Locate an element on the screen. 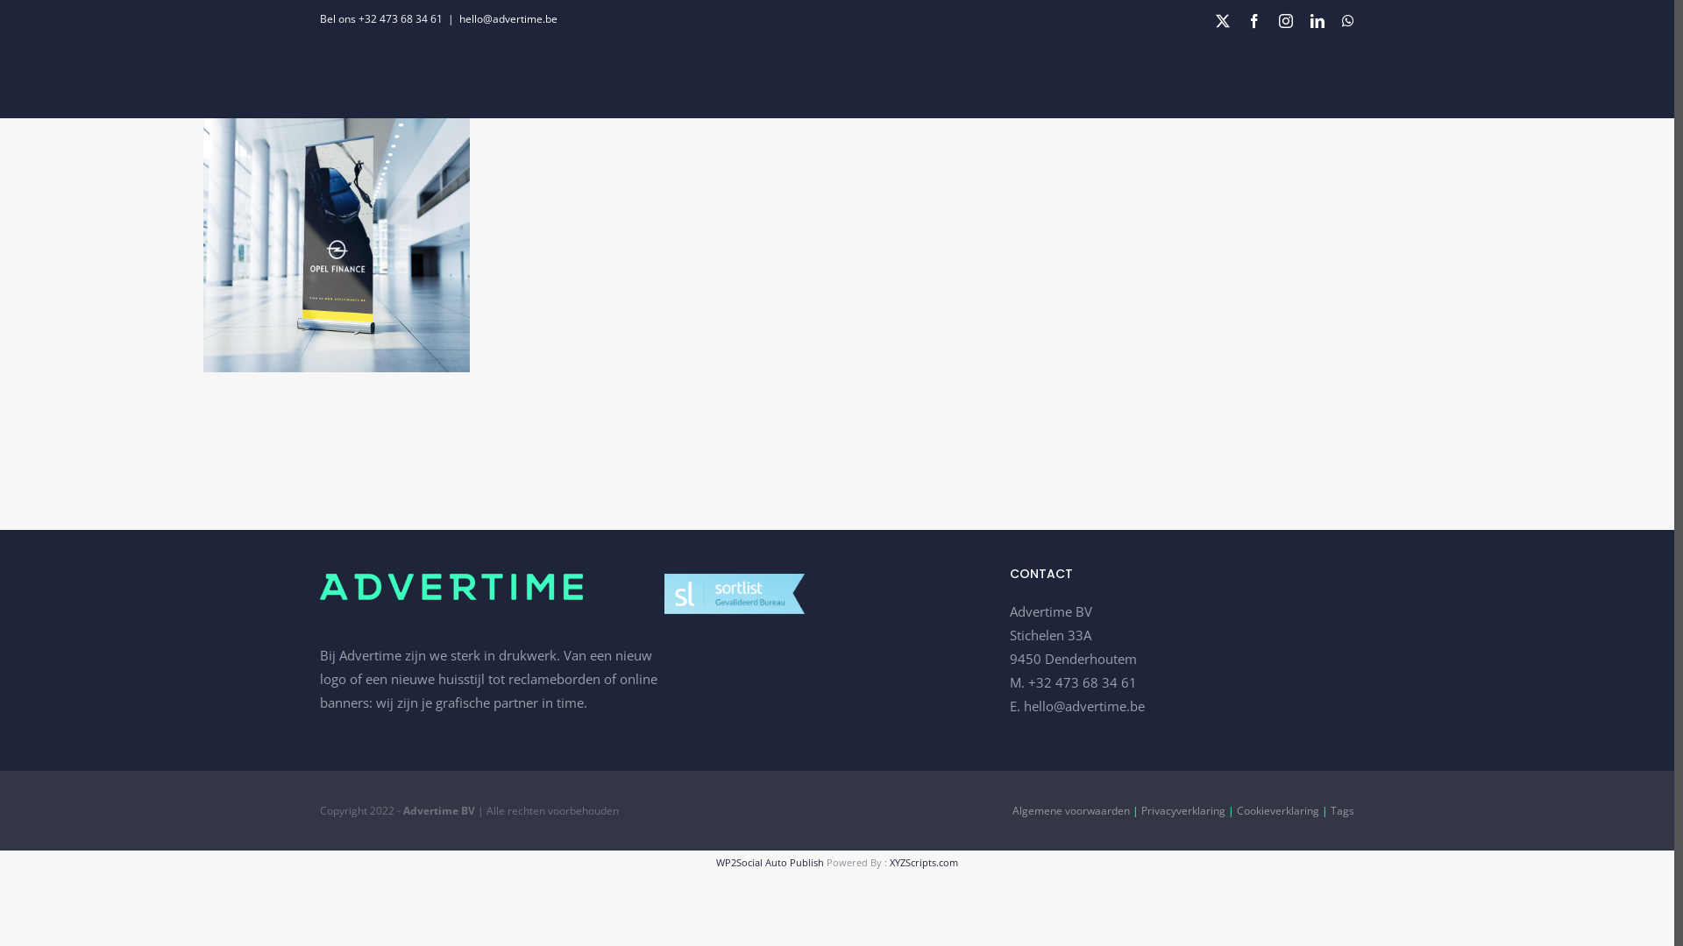 The image size is (1683, 946). 'Twitter' is located at coordinates (1222, 20).